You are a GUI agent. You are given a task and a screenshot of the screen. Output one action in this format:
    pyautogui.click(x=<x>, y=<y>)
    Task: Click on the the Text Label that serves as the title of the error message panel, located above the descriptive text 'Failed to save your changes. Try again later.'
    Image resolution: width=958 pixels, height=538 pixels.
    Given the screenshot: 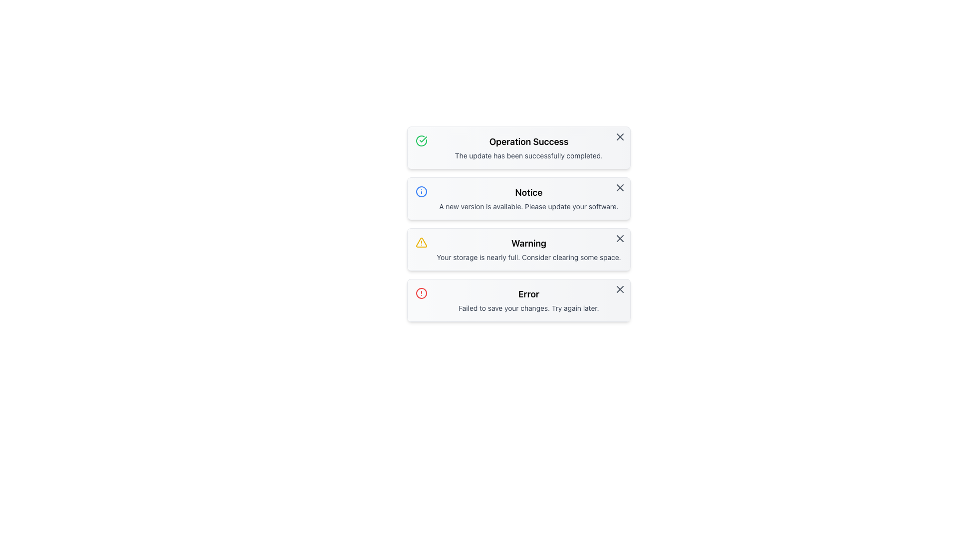 What is the action you would take?
    pyautogui.click(x=528, y=293)
    